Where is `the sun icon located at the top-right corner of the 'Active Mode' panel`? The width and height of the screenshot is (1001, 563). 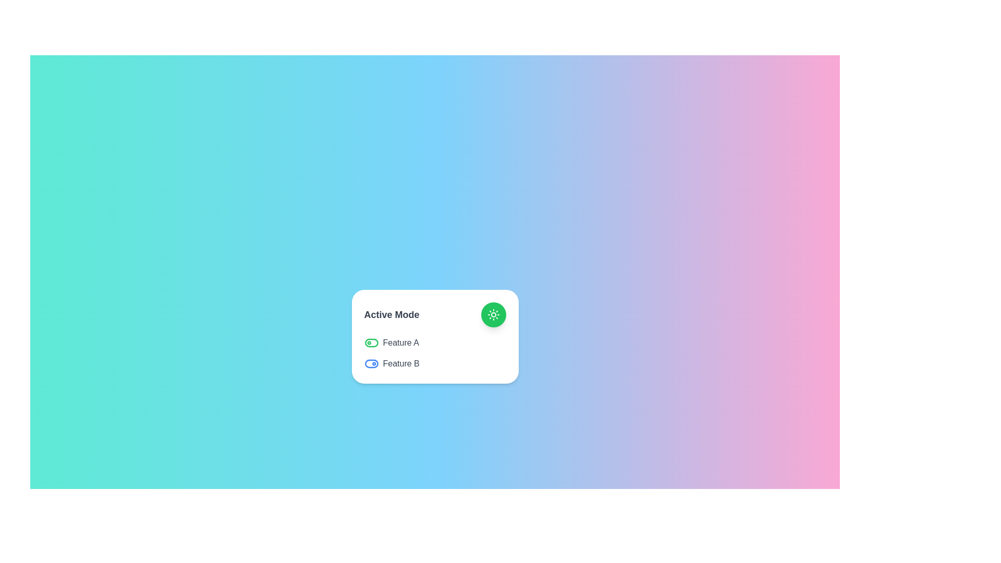
the sun icon located at the top-right corner of the 'Active Mode' panel is located at coordinates (493, 314).